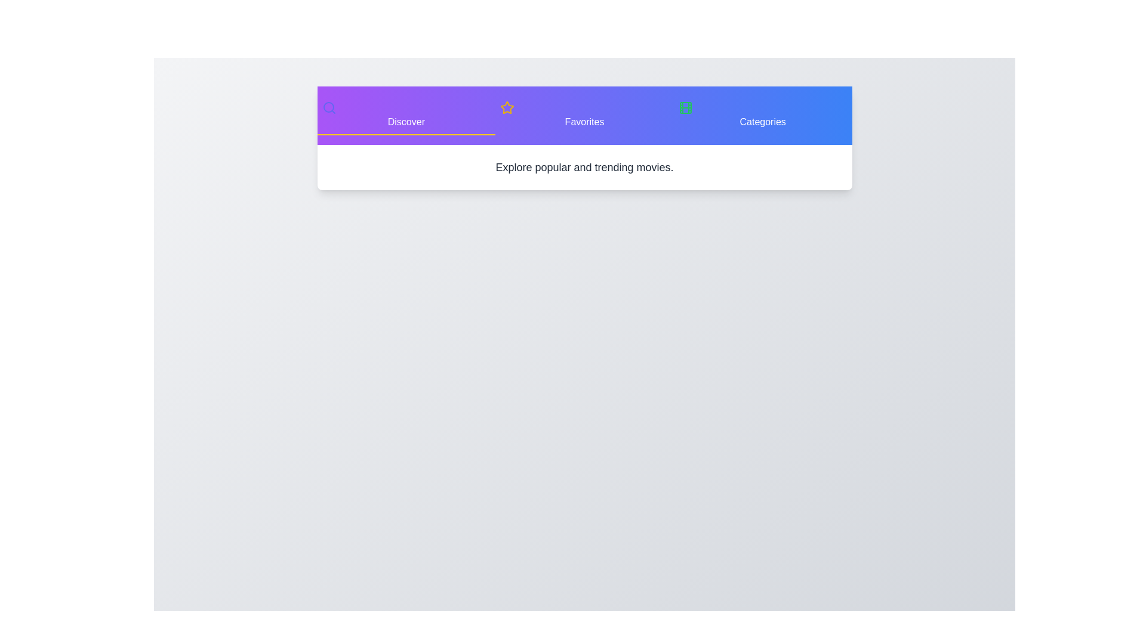 The width and height of the screenshot is (1146, 644). Describe the element at coordinates (406, 115) in the screenshot. I see `the tab button labeled Discover to switch to that tab` at that location.